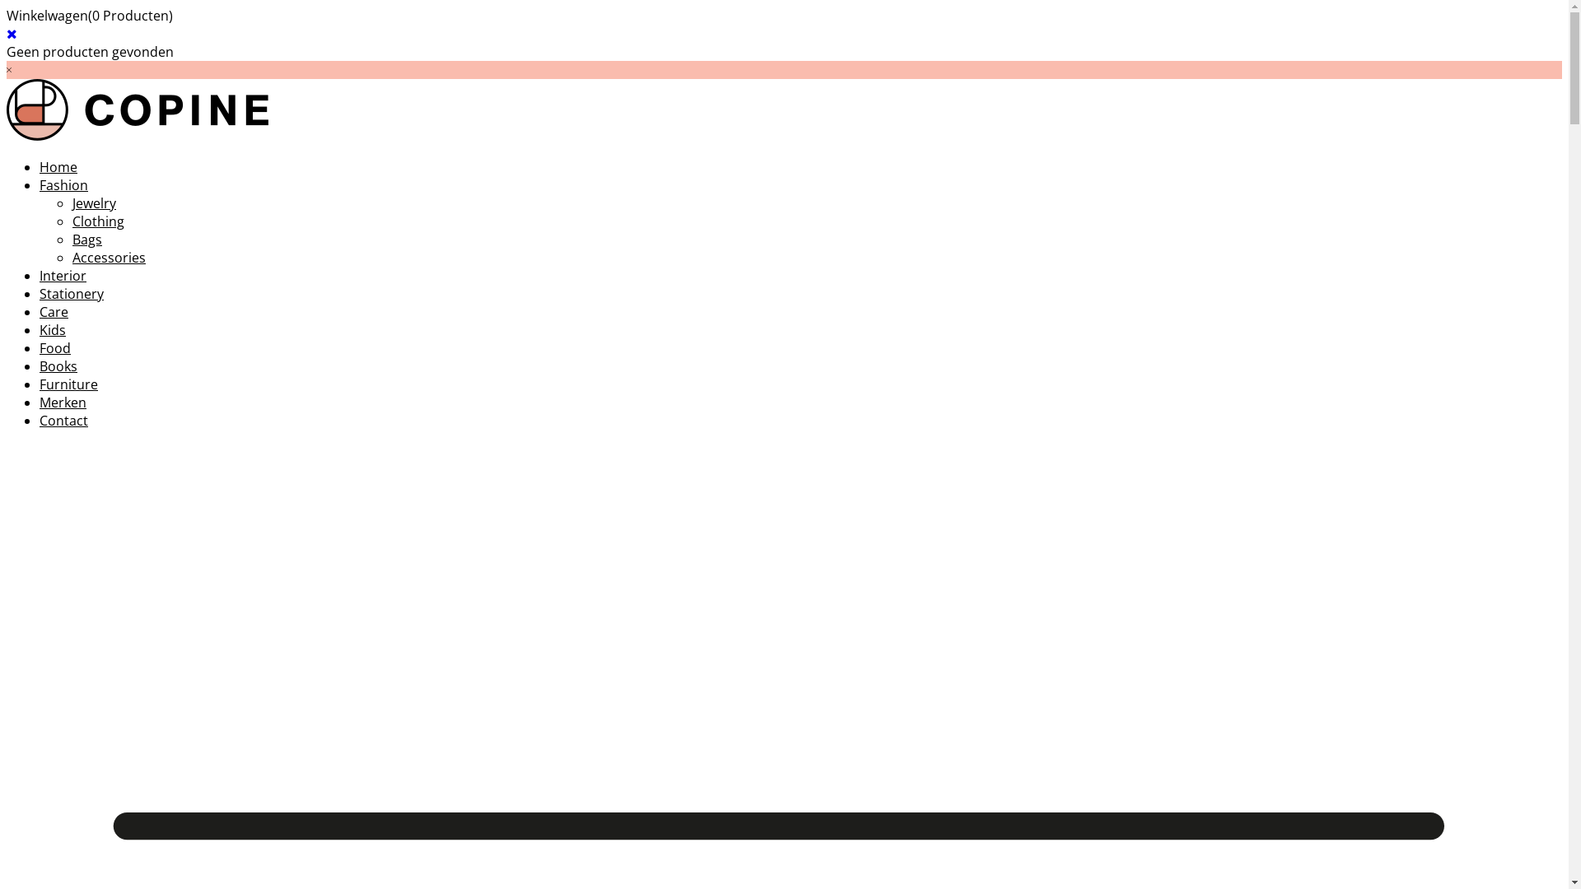  What do you see at coordinates (108, 257) in the screenshot?
I see `'Accessories'` at bounding box center [108, 257].